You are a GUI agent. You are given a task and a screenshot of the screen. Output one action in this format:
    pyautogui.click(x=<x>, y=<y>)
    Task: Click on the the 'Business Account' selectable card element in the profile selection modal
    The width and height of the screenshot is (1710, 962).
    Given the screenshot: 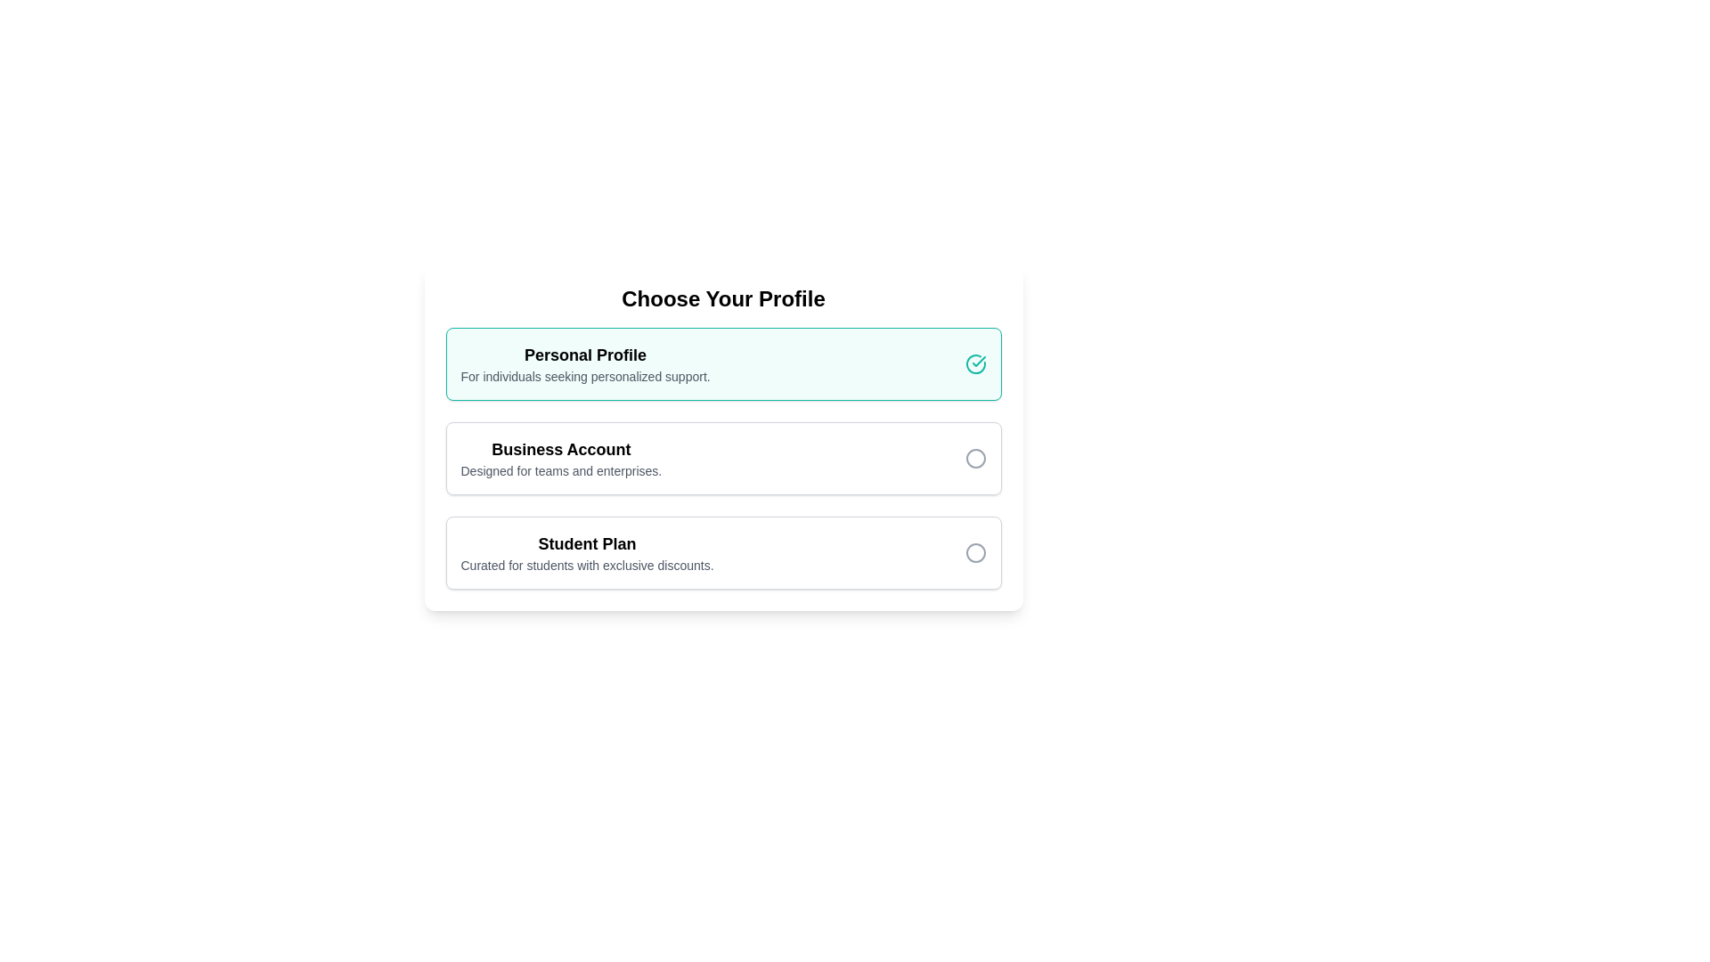 What is the action you would take?
    pyautogui.click(x=723, y=451)
    